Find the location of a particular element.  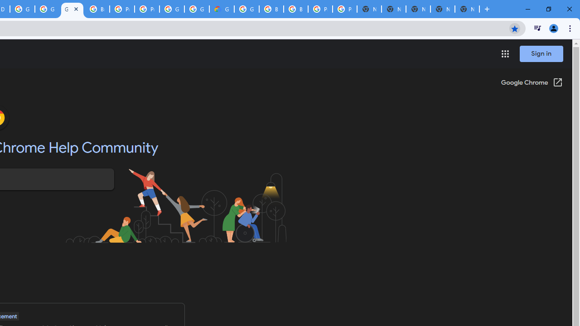

'New Tab' is located at coordinates (467, 9).